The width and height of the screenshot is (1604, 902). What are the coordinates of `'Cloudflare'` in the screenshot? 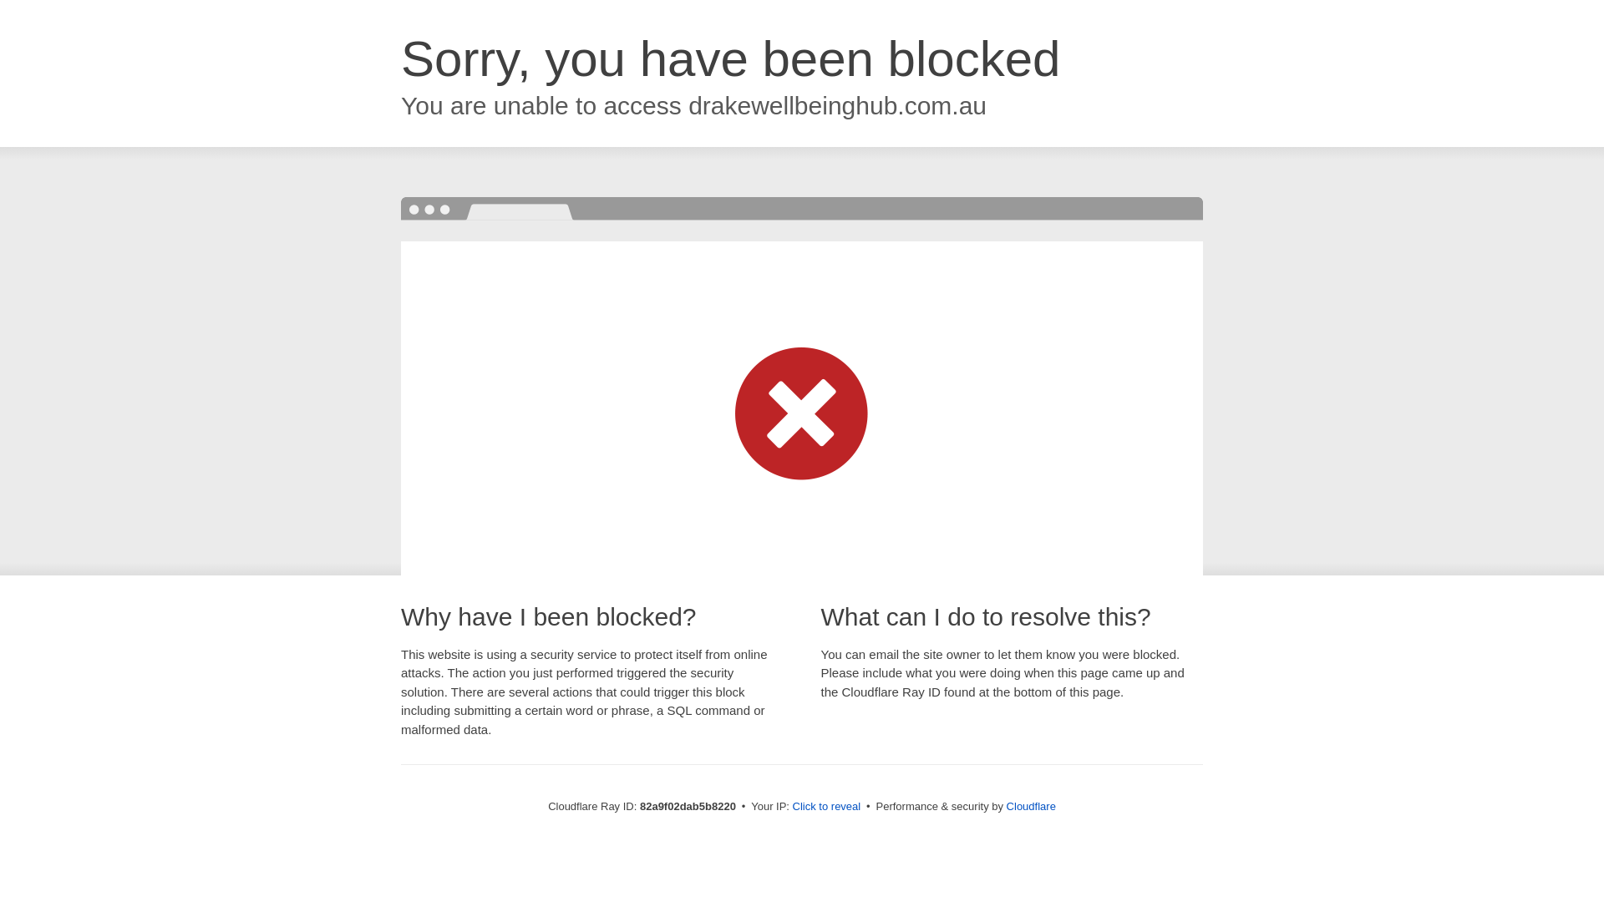 It's located at (1030, 805).